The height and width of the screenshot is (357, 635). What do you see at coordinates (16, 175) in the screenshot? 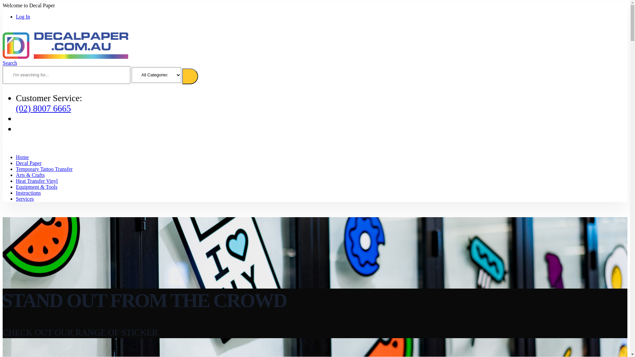
I see `'Arts & Crafts'` at bounding box center [16, 175].